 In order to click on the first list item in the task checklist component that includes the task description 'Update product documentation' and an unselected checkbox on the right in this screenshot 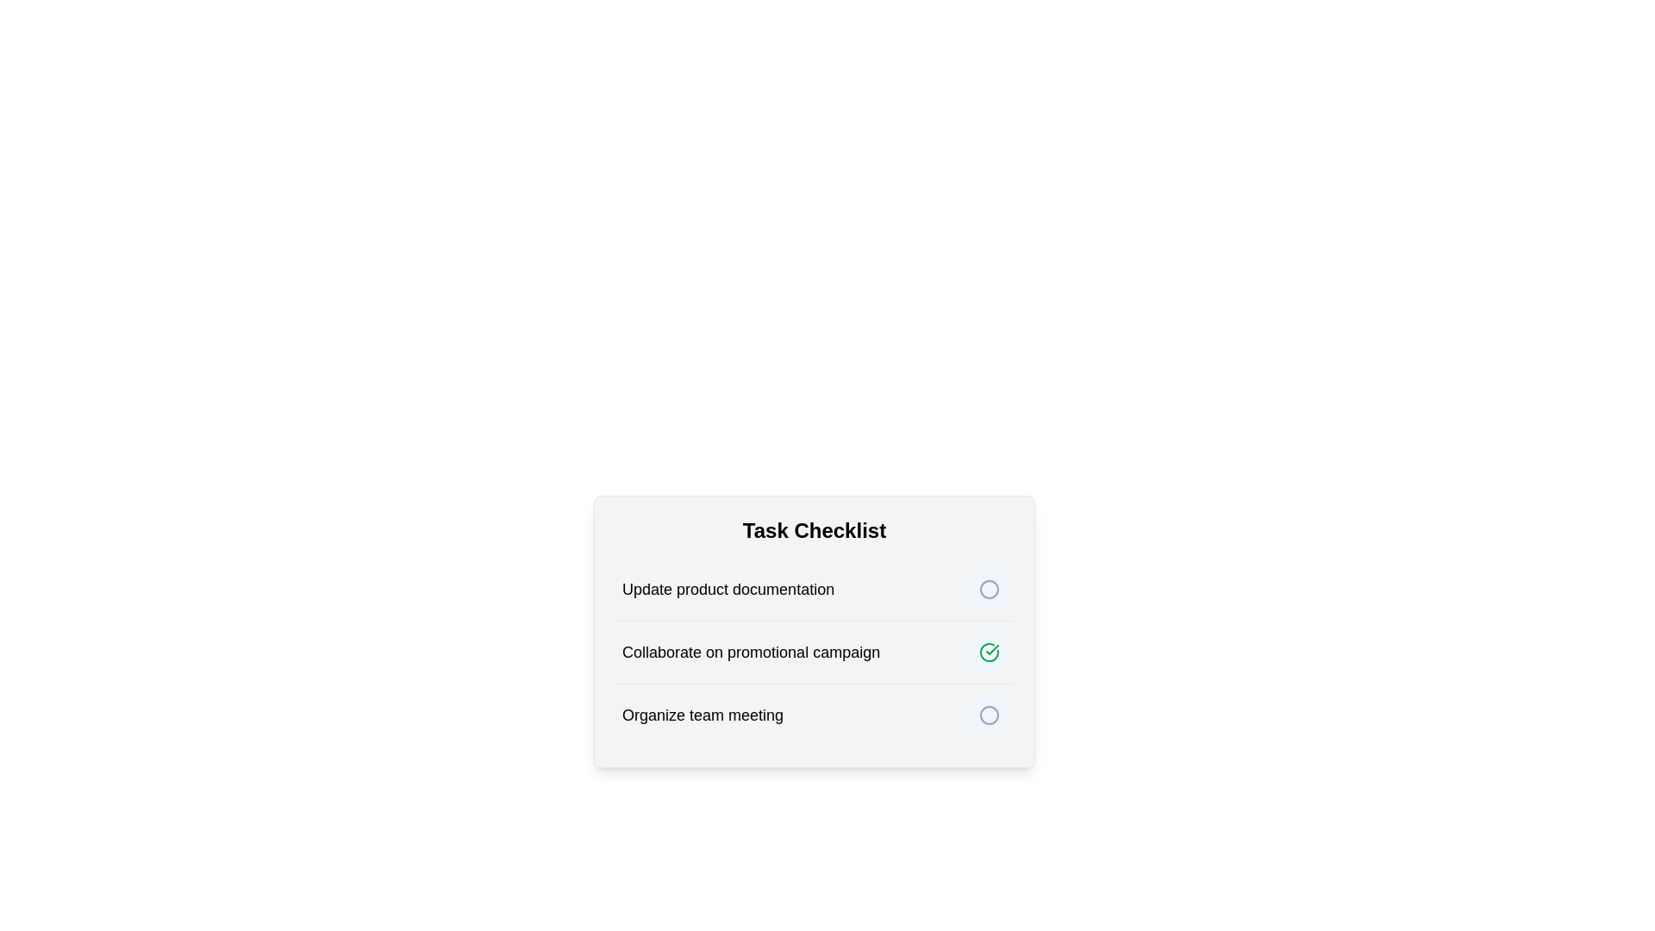, I will do `click(814, 588)`.